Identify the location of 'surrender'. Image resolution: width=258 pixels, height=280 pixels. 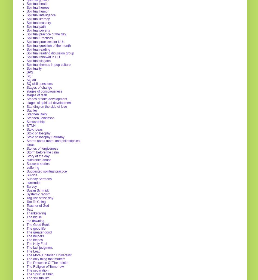
(33, 182).